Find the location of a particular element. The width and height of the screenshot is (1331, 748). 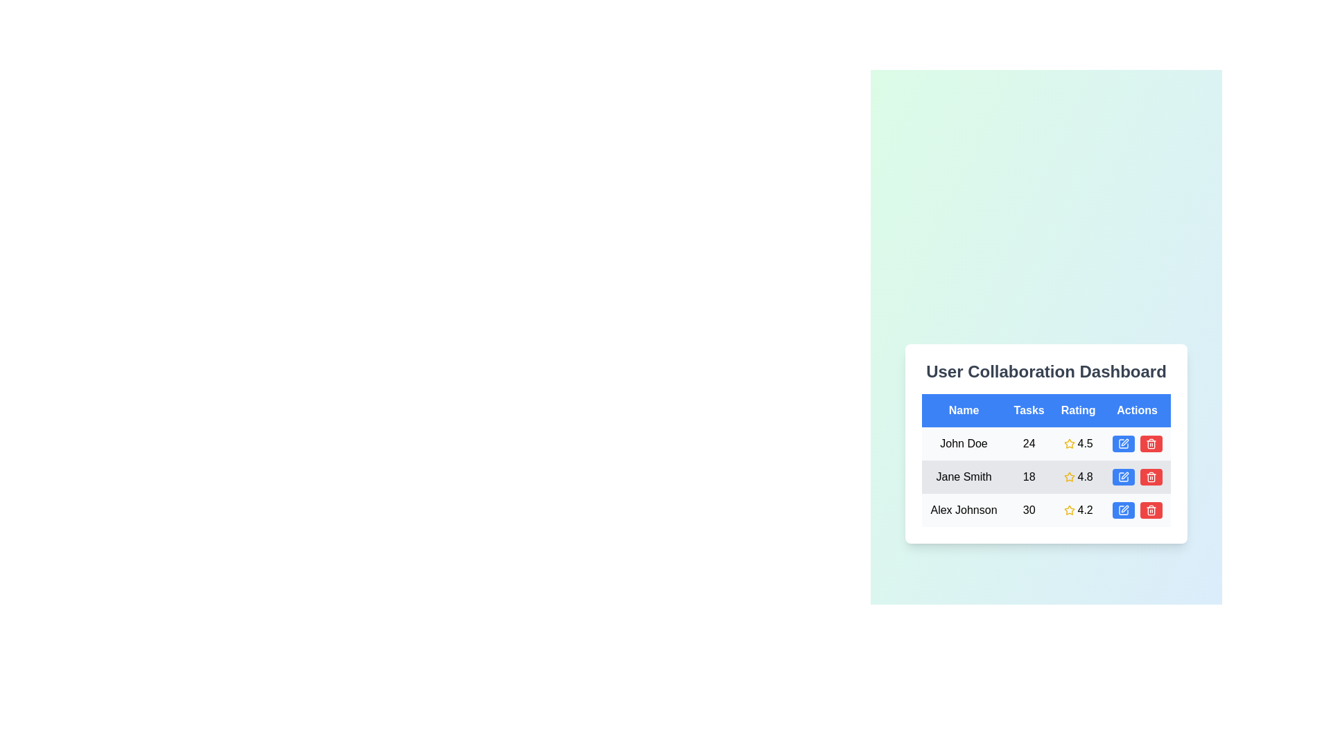

the edit icon (pen inside a square) located in the rightmost column of the 'Actions' section for the 'Alex Johnson' entry to trigger a tooltip or highlight effect is located at coordinates (1123, 510).